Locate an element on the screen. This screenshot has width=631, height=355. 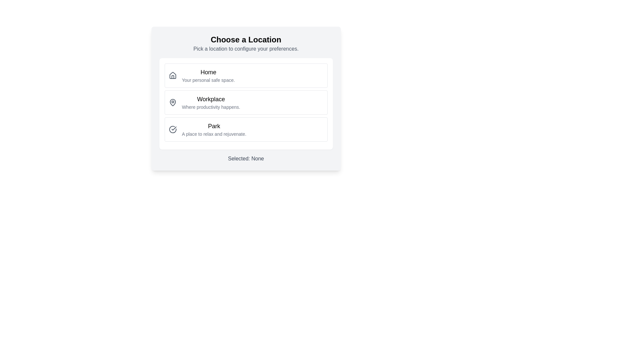
the house icon located on the left side of the 'Home' entry in the list of selectable options is located at coordinates (173, 75).